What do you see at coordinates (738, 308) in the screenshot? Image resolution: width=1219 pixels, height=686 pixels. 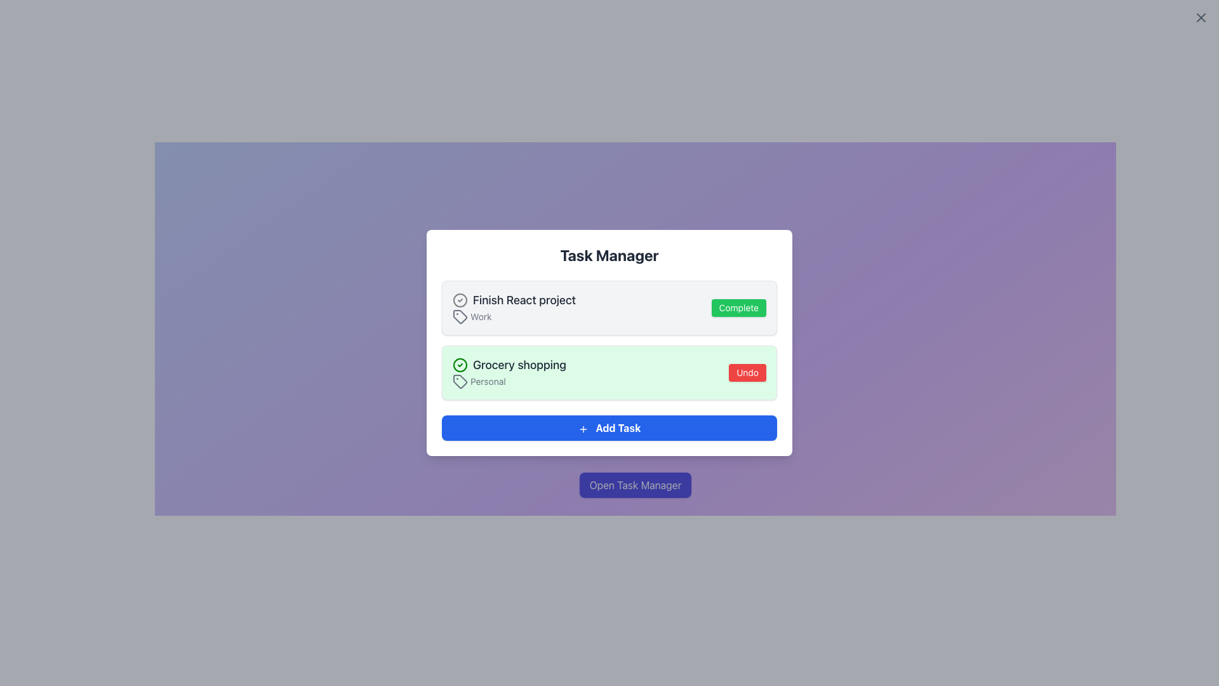 I see `the button on the right side of the task 'Finish React project' to mark it as completed` at bounding box center [738, 308].